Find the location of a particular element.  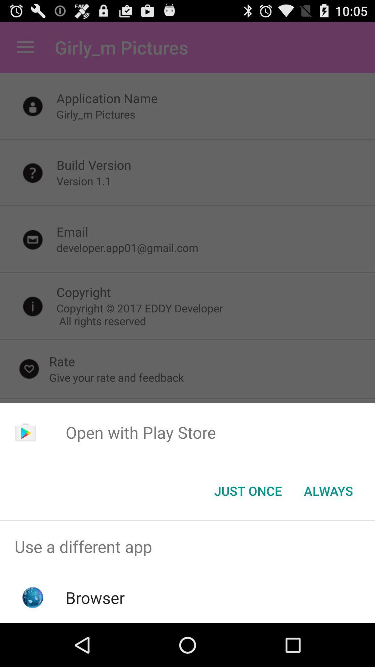

browser icon is located at coordinates (95, 597).